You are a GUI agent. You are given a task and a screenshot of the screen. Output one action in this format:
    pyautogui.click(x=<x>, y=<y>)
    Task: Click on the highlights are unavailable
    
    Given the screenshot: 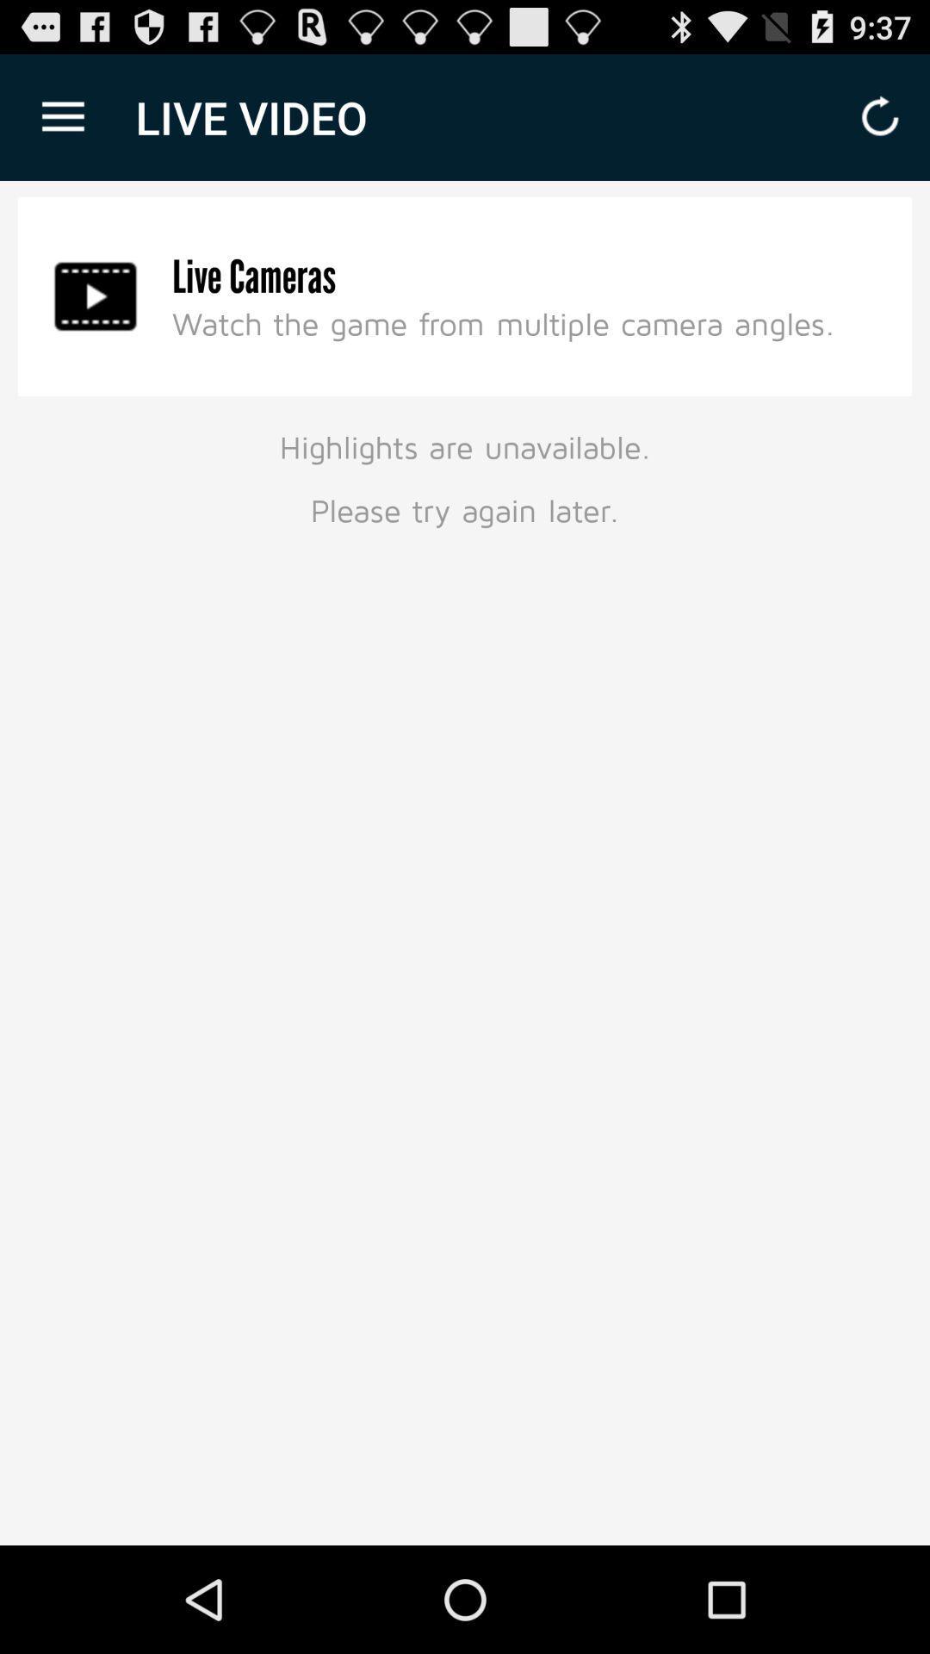 What is the action you would take?
    pyautogui.click(x=465, y=476)
    